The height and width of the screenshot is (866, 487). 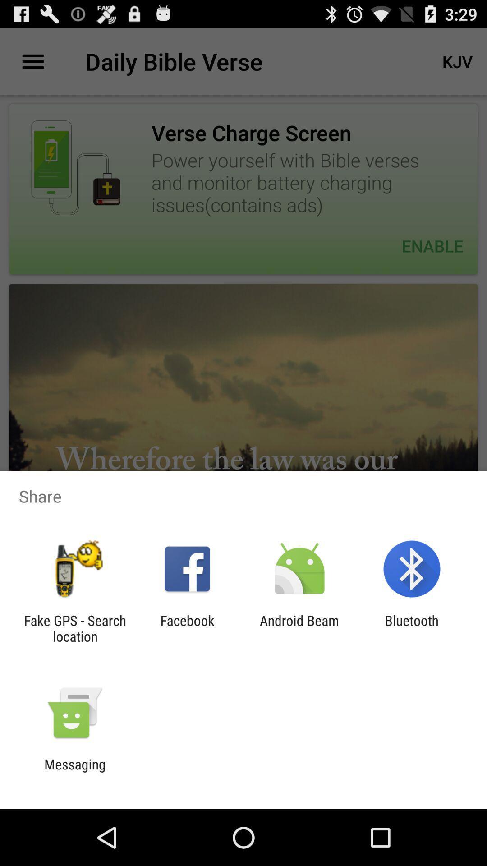 What do you see at coordinates (299, 628) in the screenshot?
I see `the item to the right of facebook icon` at bounding box center [299, 628].